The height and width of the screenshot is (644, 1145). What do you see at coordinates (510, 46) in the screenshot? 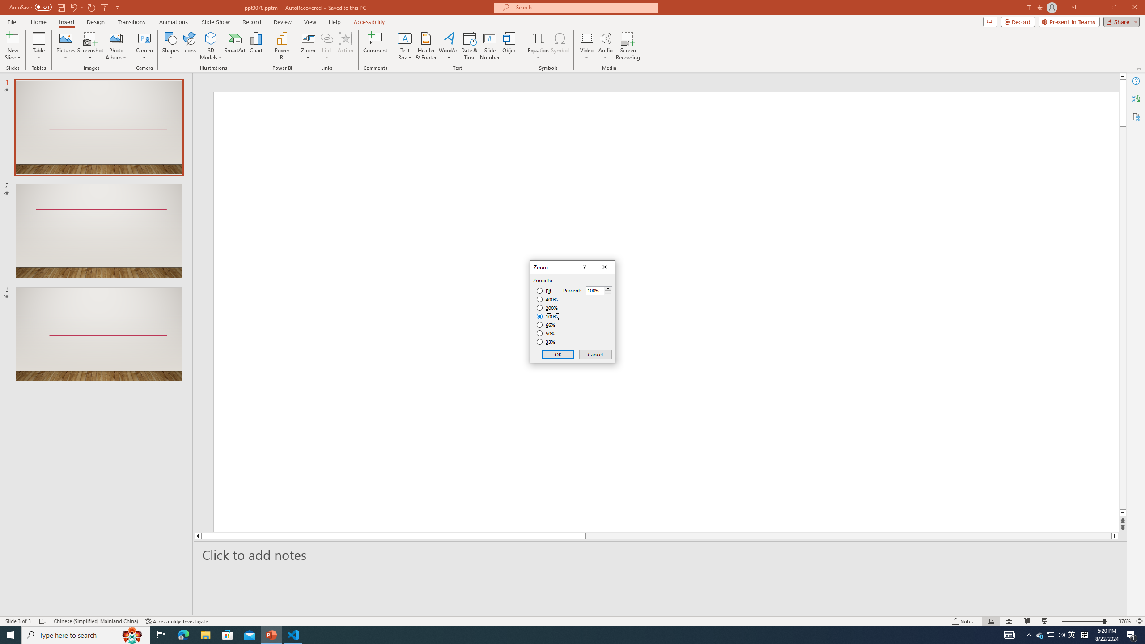
I see `'Object...'` at bounding box center [510, 46].